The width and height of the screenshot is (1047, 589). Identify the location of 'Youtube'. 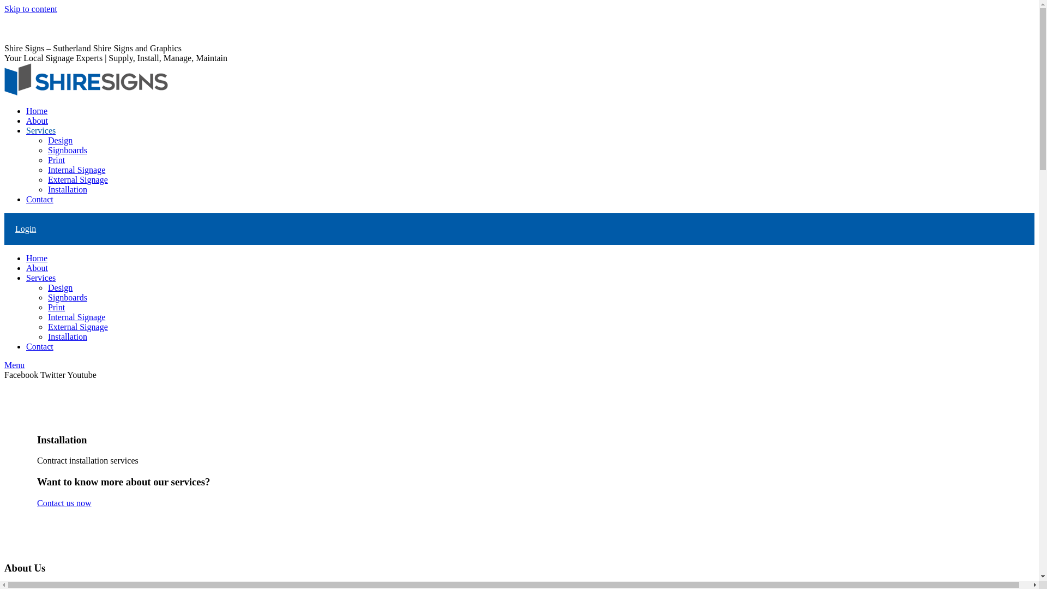
(81, 374).